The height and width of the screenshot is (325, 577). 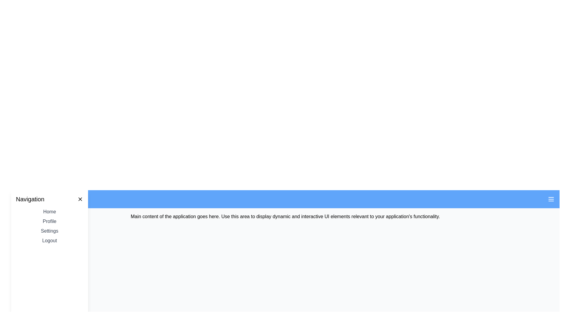 I want to click on the 'Log Out' text link, which is the last item in the vertical menu on the left side of the interface, located below the 'Settings' menu item, so click(x=49, y=240).